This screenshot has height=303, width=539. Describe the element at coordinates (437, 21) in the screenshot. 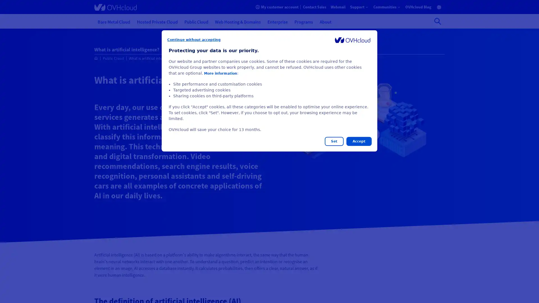

I see `Open search bar` at that location.